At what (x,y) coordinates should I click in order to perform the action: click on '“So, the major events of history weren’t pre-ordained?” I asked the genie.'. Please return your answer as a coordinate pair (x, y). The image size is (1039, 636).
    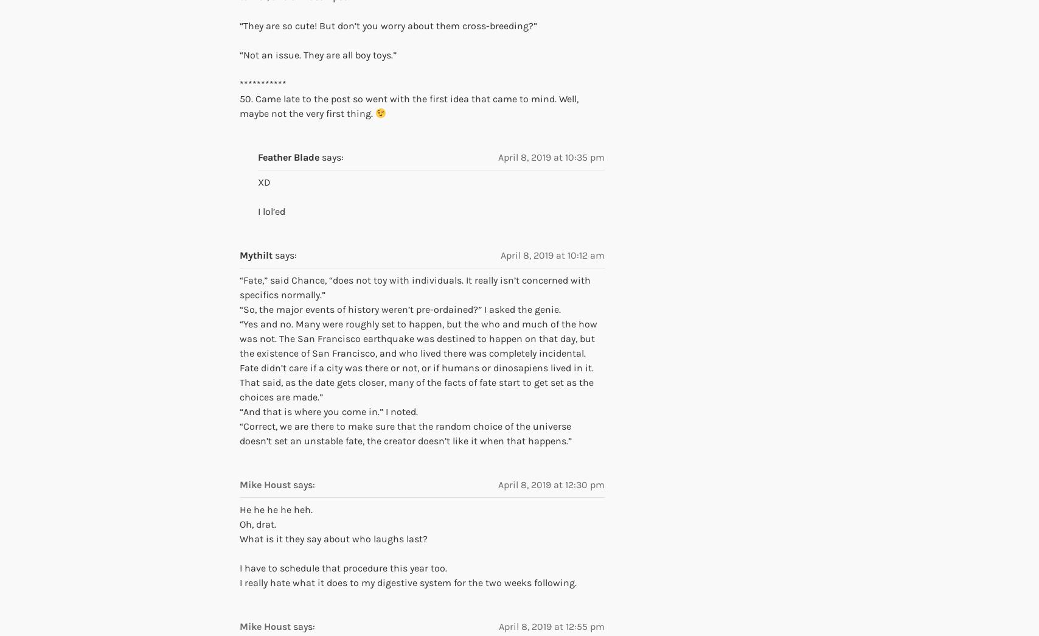
    Looking at the image, I should click on (240, 308).